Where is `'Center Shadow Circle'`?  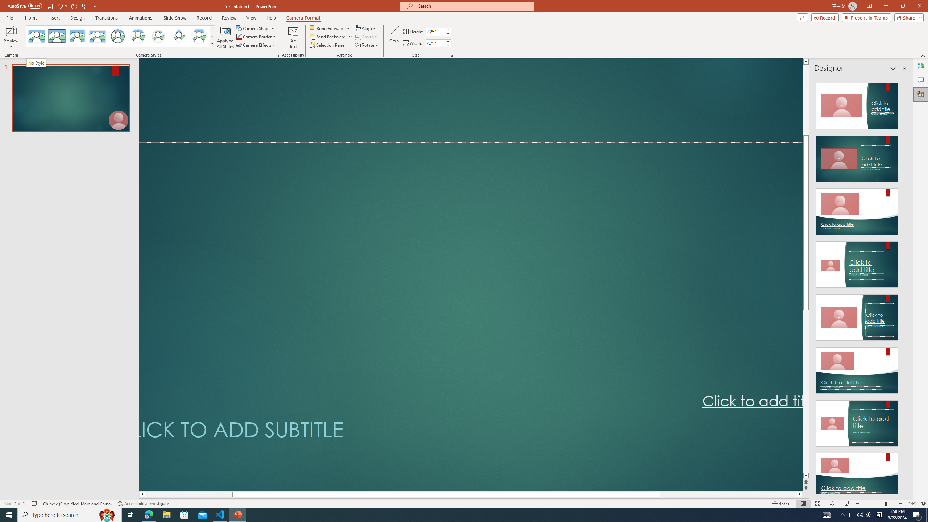 'Center Shadow Circle' is located at coordinates (138, 36).